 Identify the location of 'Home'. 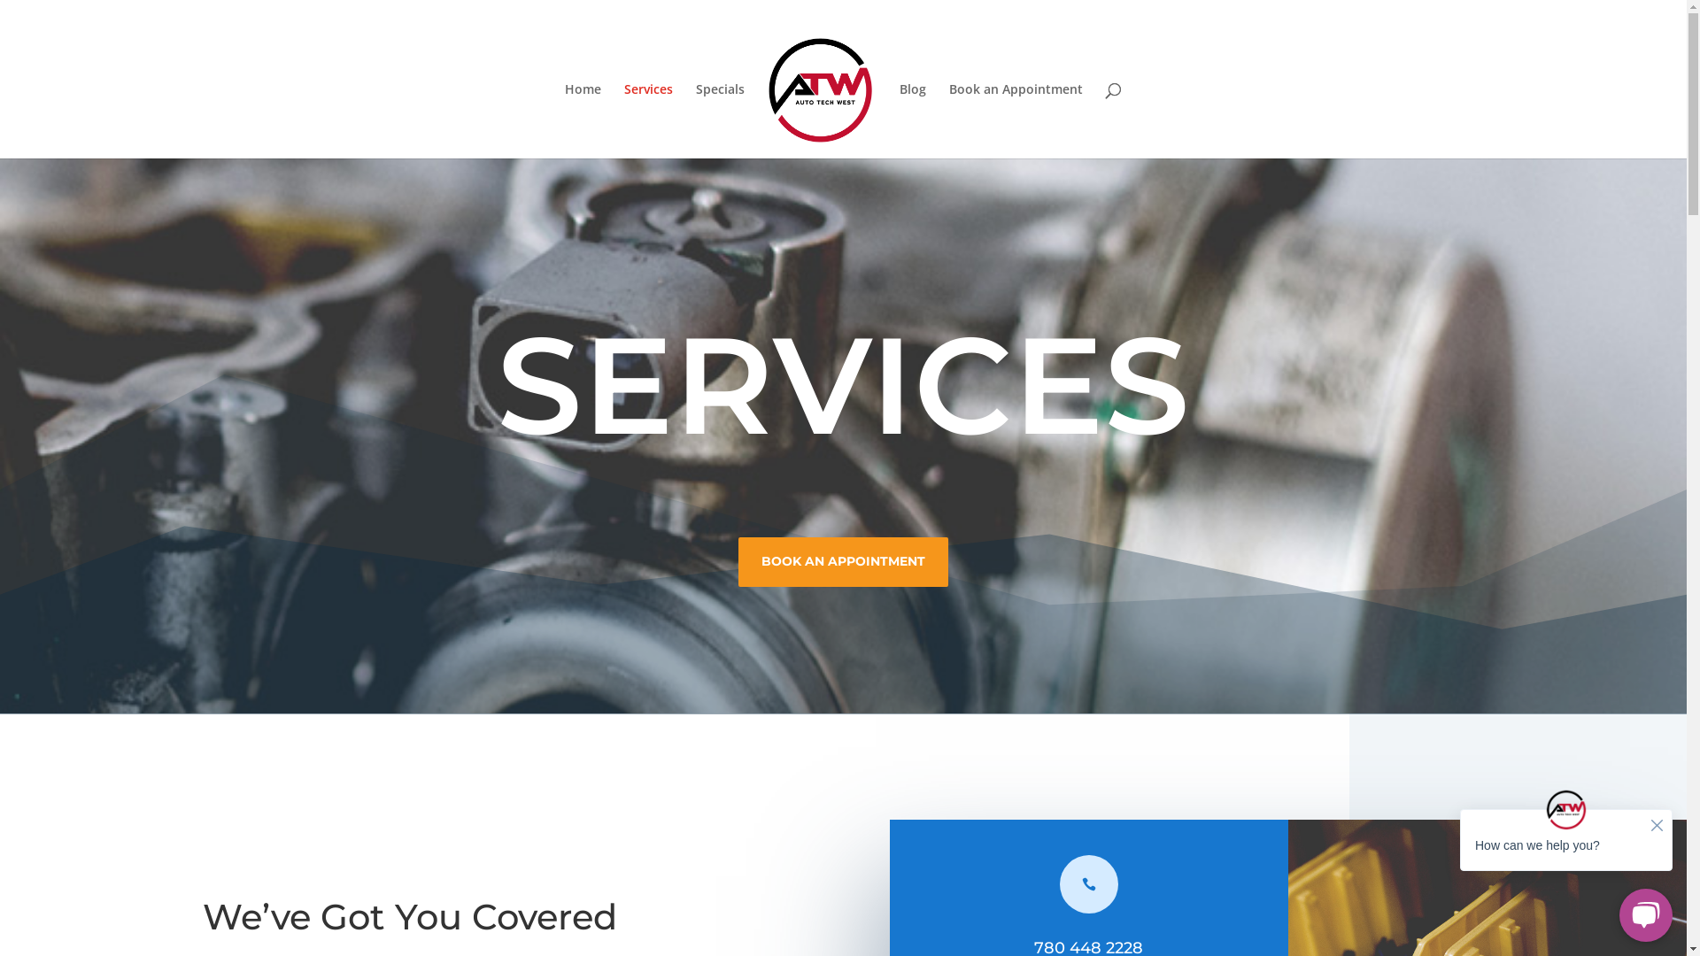
(583, 119).